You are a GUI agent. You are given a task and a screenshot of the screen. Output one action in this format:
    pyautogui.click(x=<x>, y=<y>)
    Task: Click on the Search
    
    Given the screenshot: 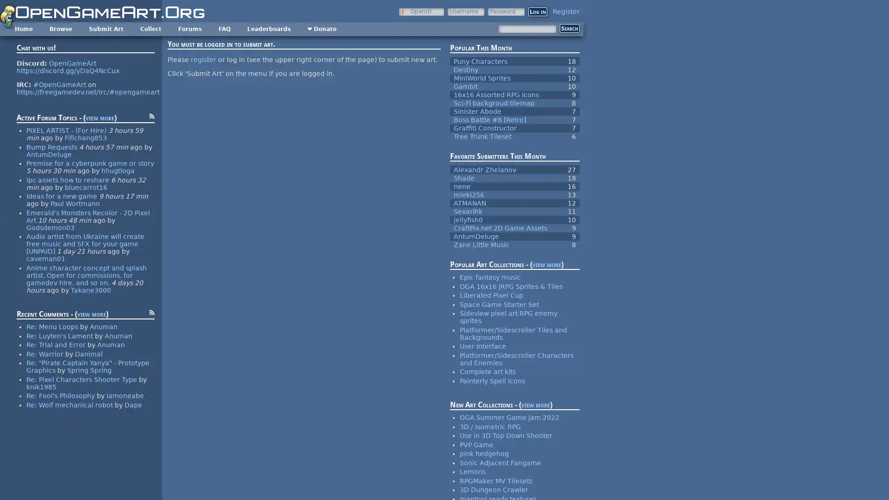 What is the action you would take?
    pyautogui.click(x=569, y=28)
    